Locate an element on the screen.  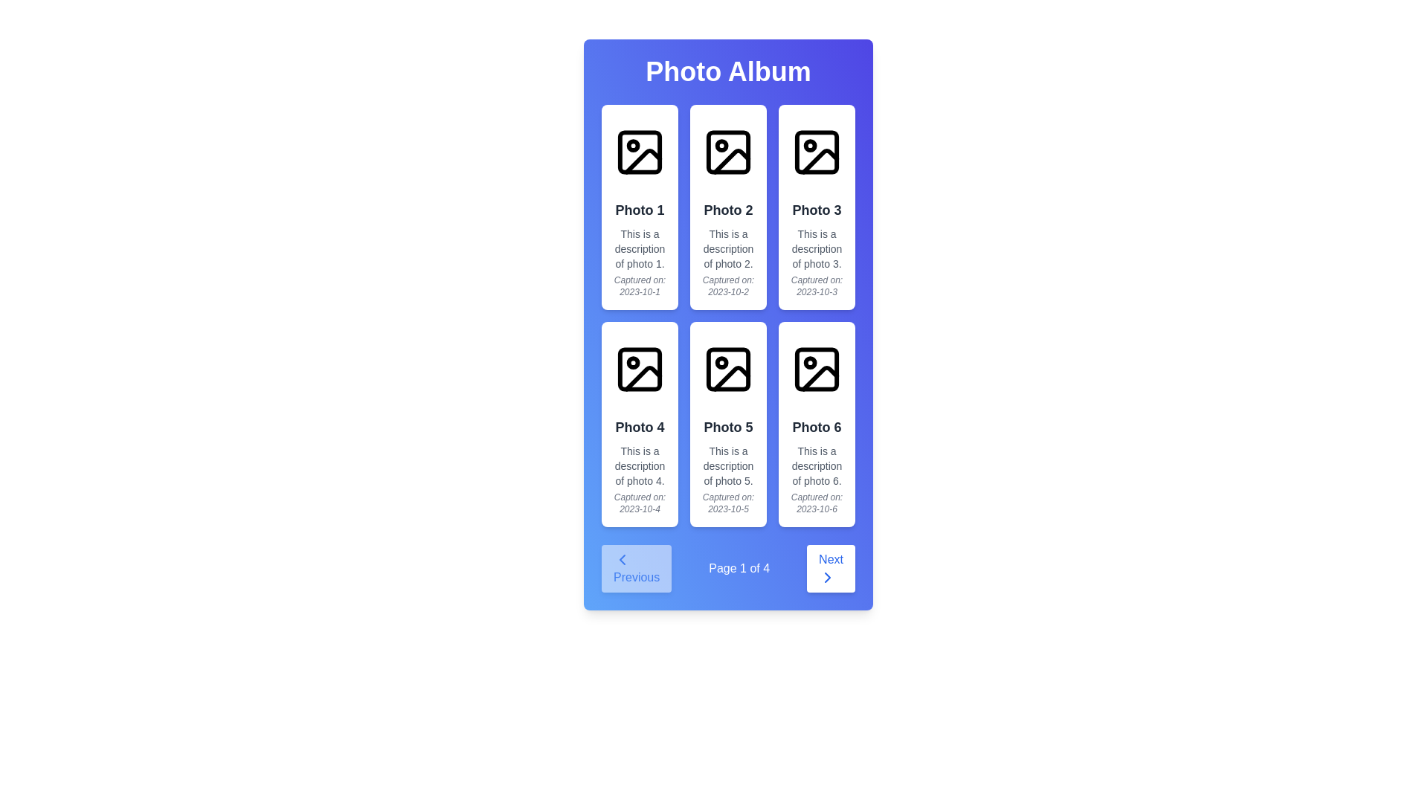
the blue right-arrow chevron icon located on the right side of the 'Next' button, which has a white background and blue text is located at coordinates (827, 576).